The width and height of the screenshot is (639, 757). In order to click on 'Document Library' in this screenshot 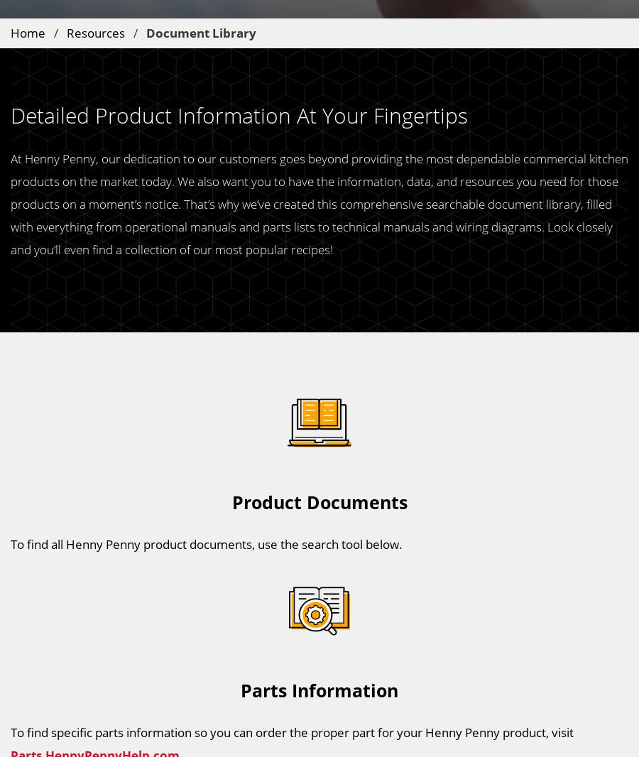, I will do `click(200, 31)`.